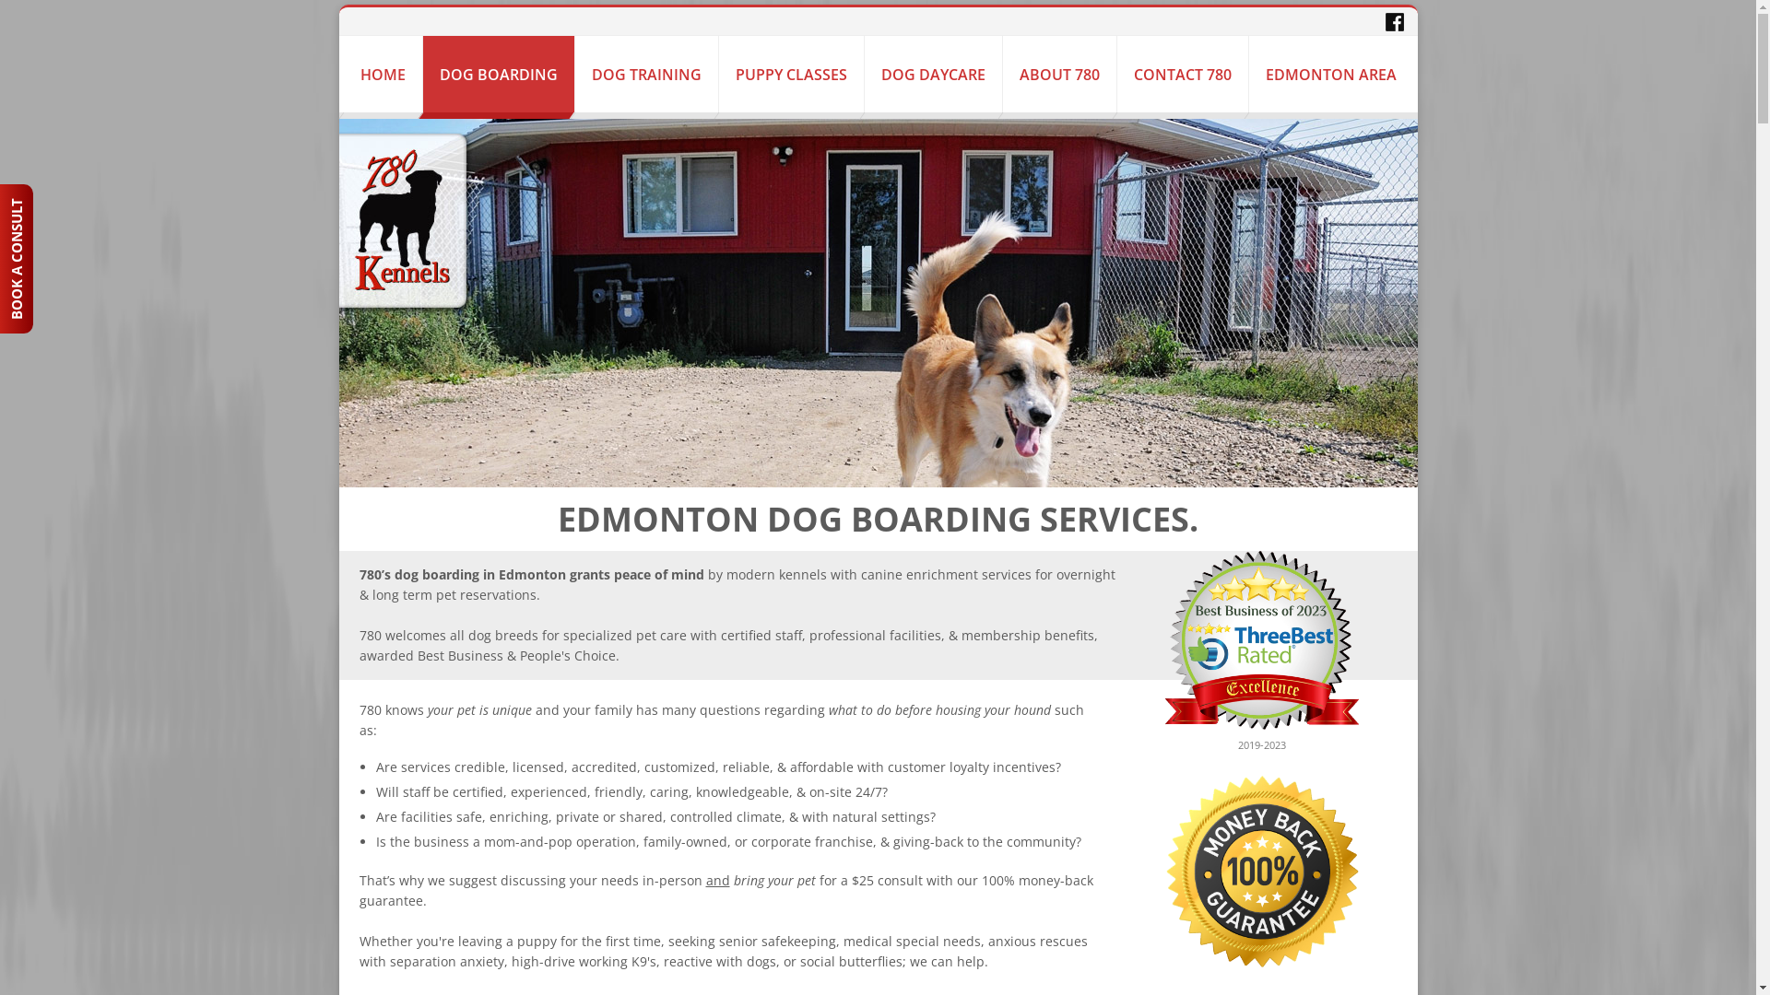 This screenshot has height=995, width=1770. I want to click on 'PUPPY CLASSES', so click(791, 73).